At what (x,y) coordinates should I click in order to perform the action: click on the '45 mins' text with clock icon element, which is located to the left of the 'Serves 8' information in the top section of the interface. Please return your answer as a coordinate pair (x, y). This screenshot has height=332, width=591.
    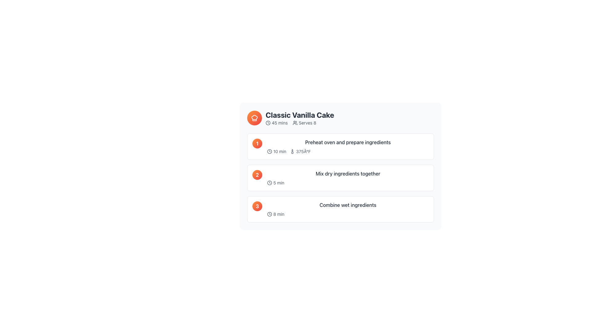
    Looking at the image, I should click on (276, 123).